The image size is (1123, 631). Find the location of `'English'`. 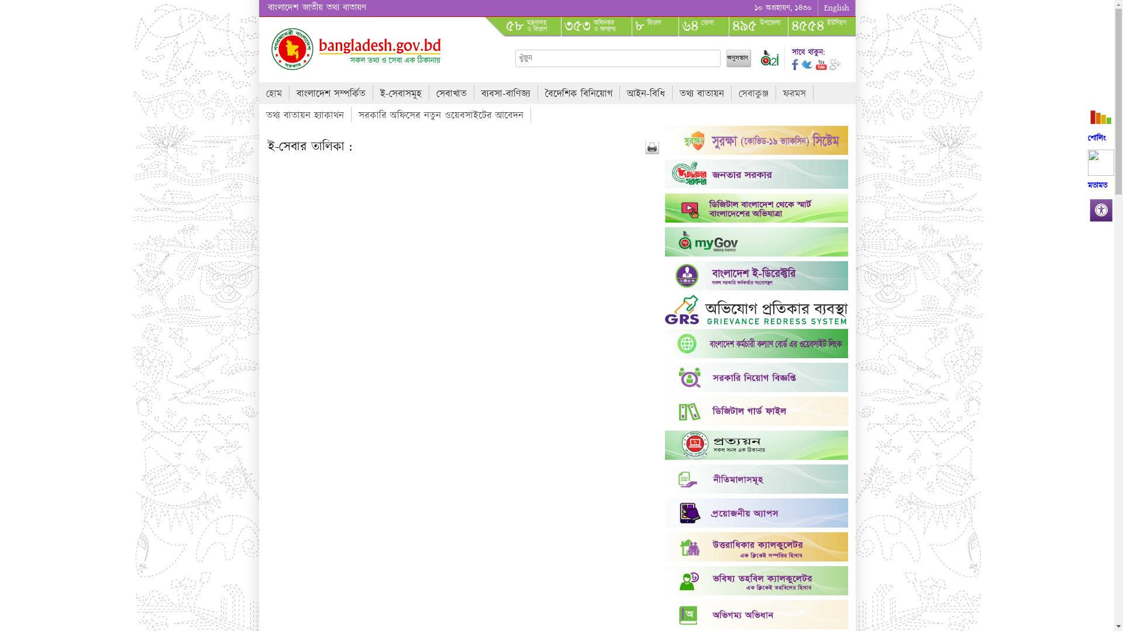

'English' is located at coordinates (835, 8).